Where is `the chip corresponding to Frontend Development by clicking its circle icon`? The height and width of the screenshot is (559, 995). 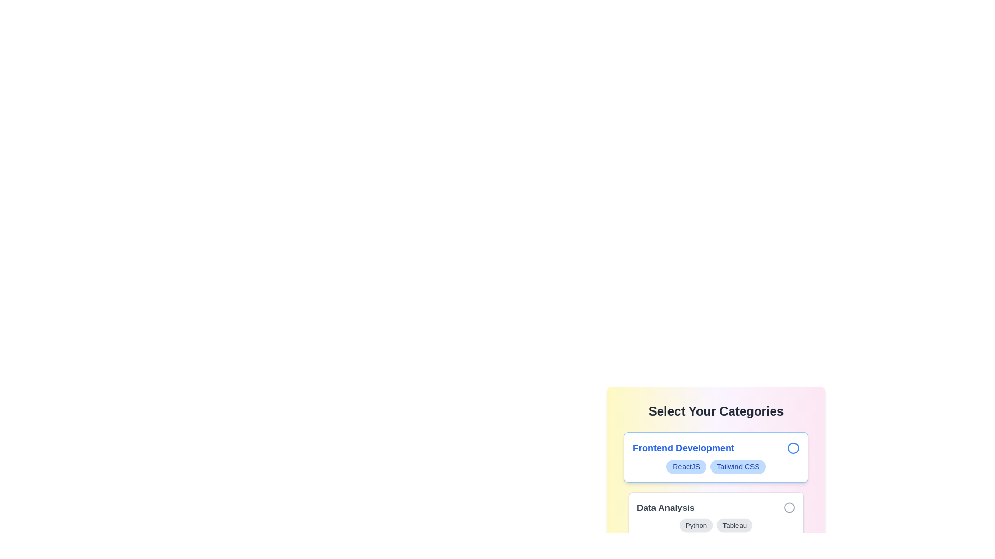 the chip corresponding to Frontend Development by clicking its circle icon is located at coordinates (793, 448).